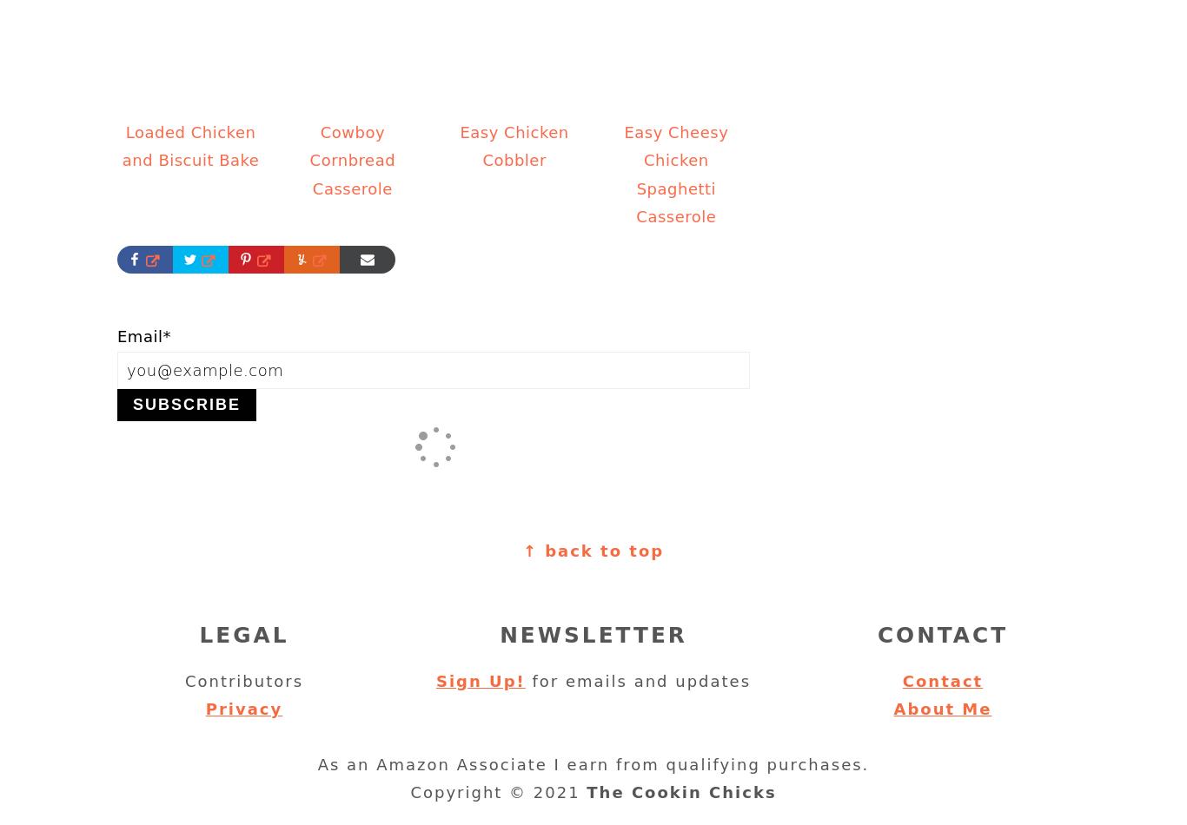 The height and width of the screenshot is (825, 1187). What do you see at coordinates (592, 551) in the screenshot?
I see `'↑ back to top'` at bounding box center [592, 551].